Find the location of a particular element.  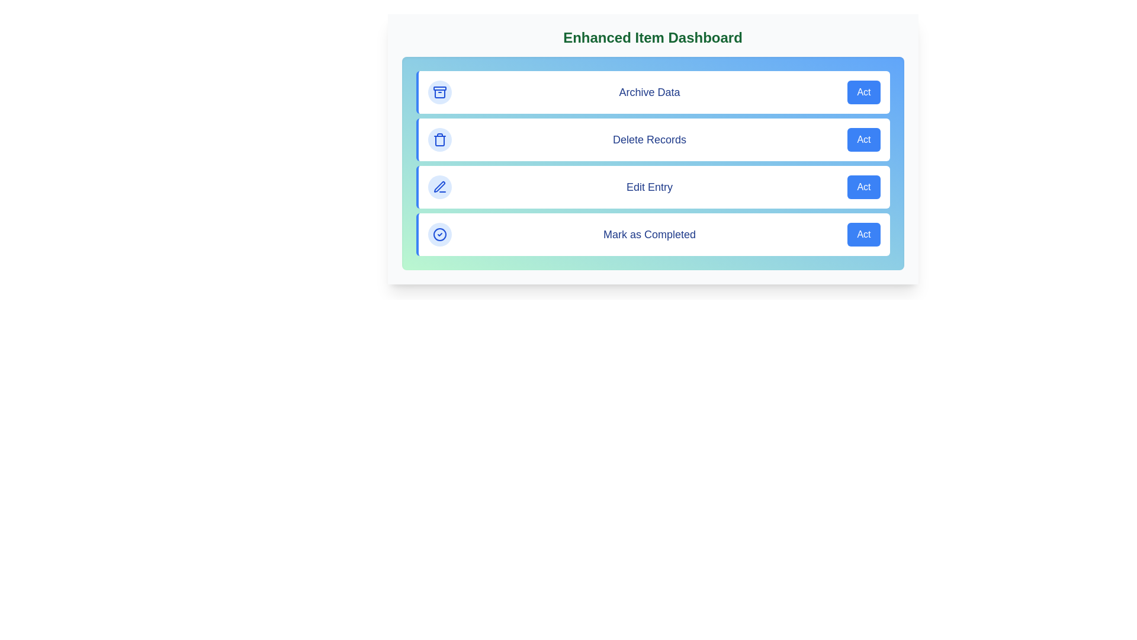

the 'Act' button for the action 'Edit Entry' is located at coordinates (864, 187).